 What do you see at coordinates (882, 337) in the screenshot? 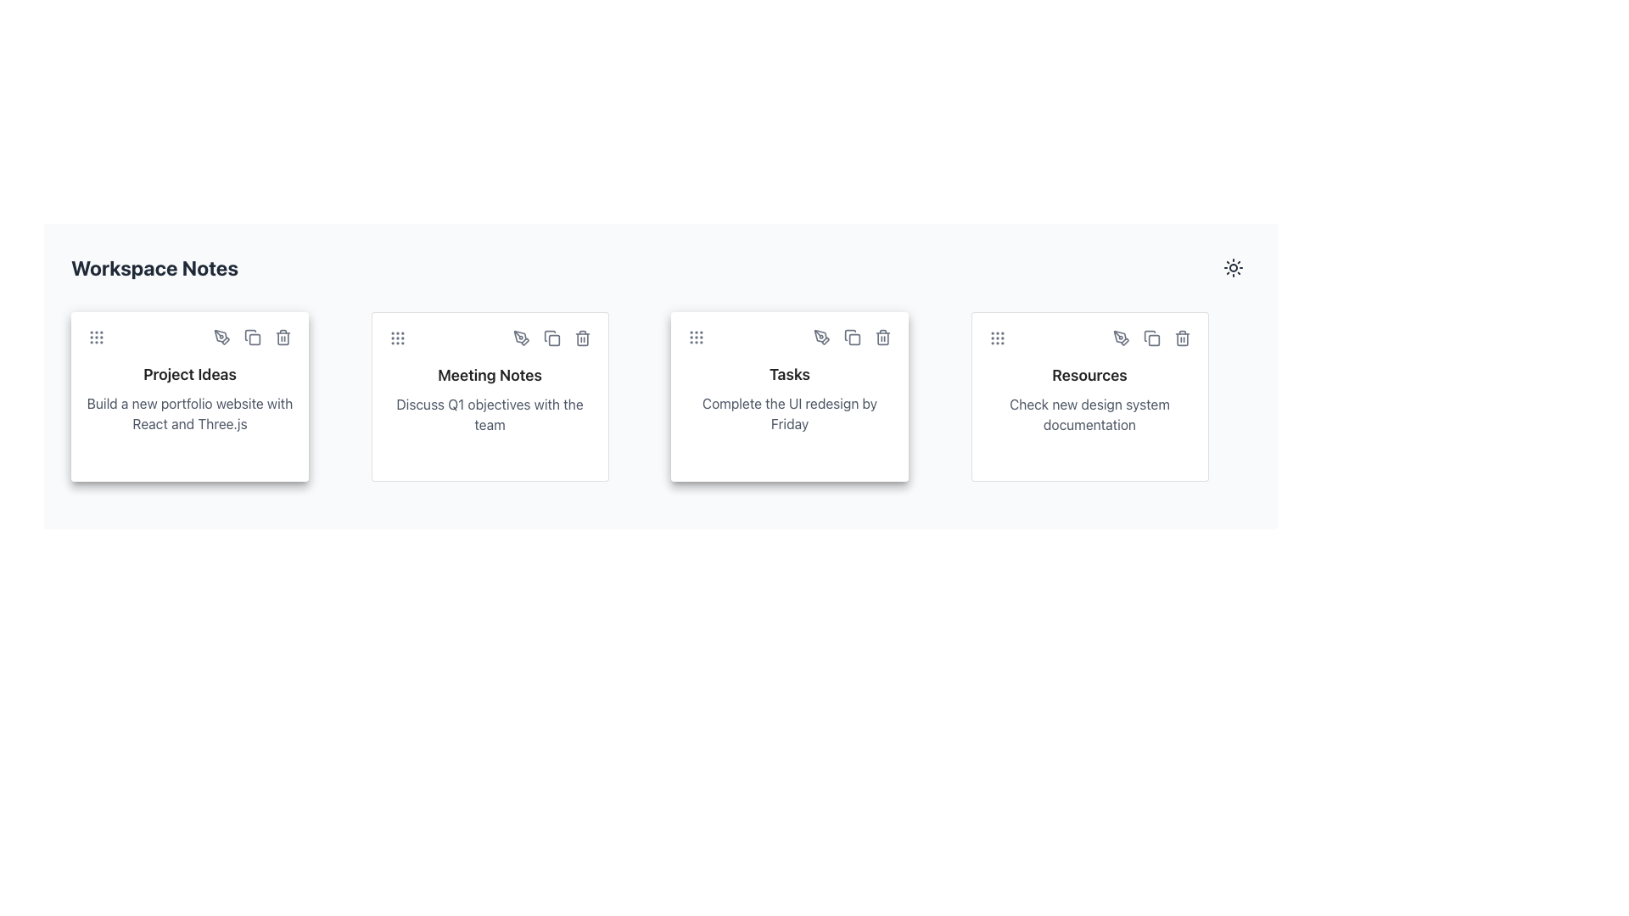
I see `the delete icon button located in the top-right corner of the 'Tasks' card` at bounding box center [882, 337].